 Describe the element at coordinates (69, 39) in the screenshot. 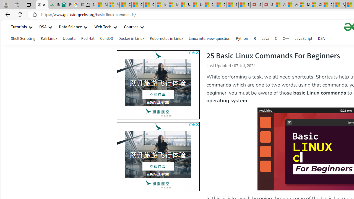

I see `'Ubuntu'` at that location.